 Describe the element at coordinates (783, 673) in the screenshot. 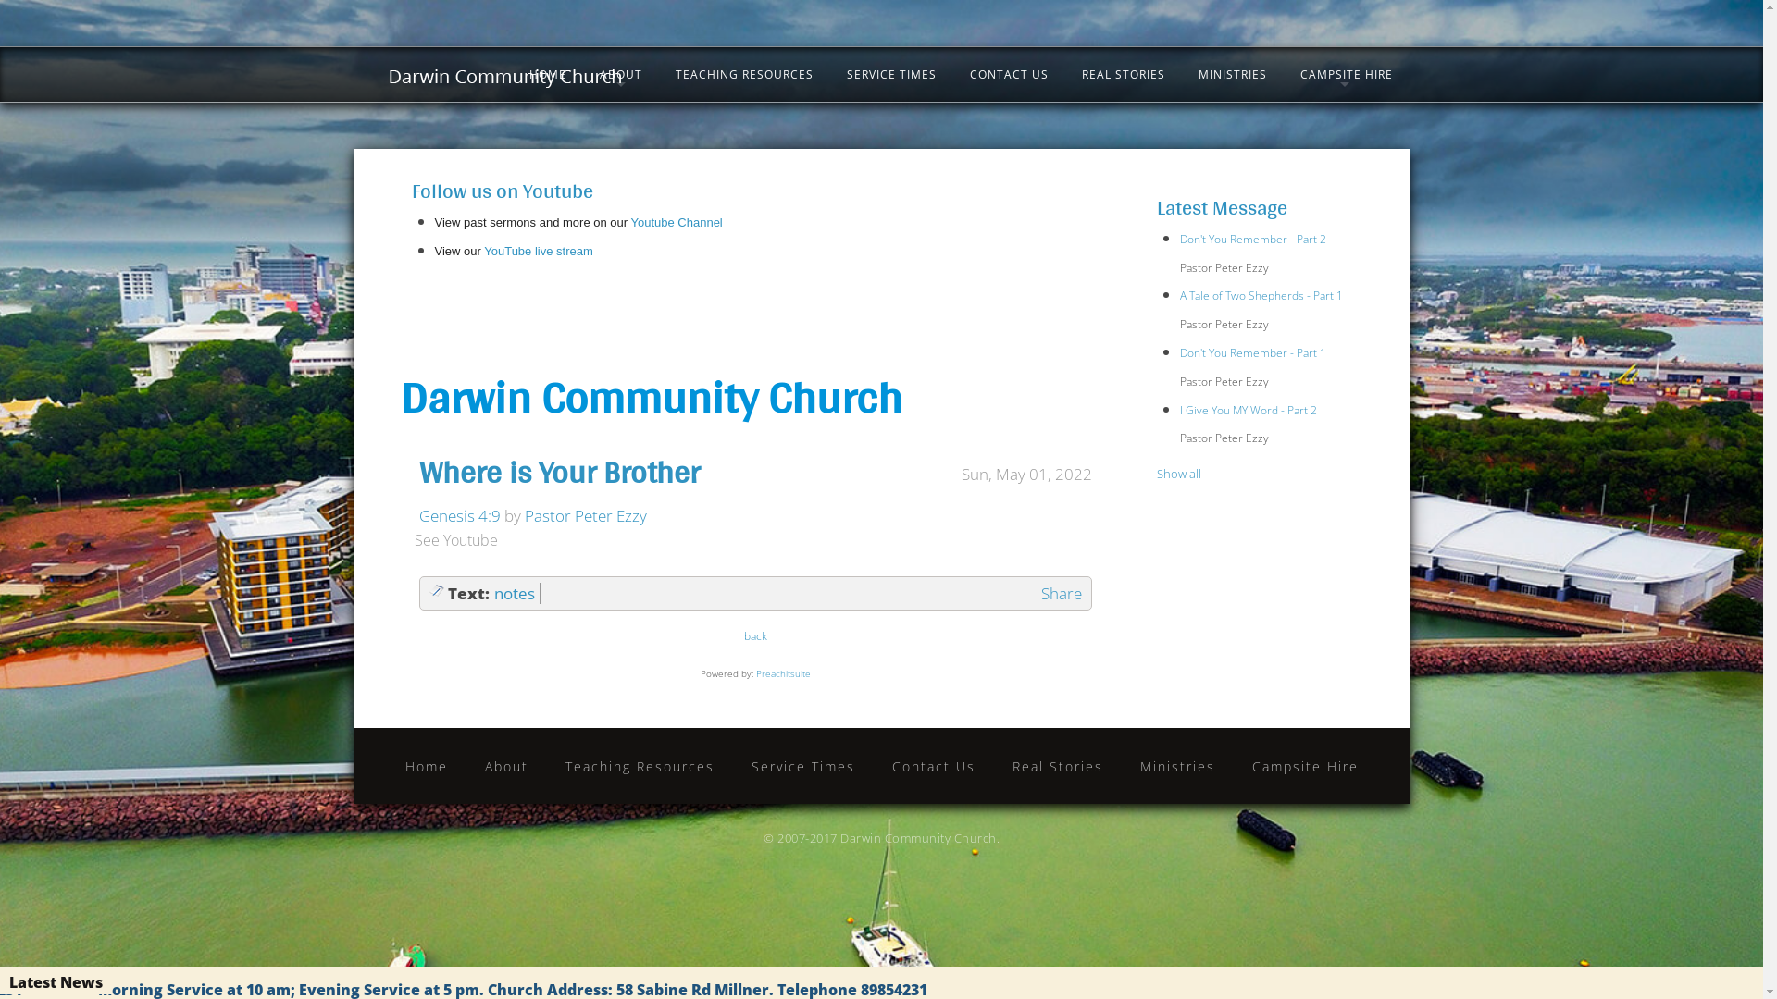

I see `'Preachitsuite'` at that location.